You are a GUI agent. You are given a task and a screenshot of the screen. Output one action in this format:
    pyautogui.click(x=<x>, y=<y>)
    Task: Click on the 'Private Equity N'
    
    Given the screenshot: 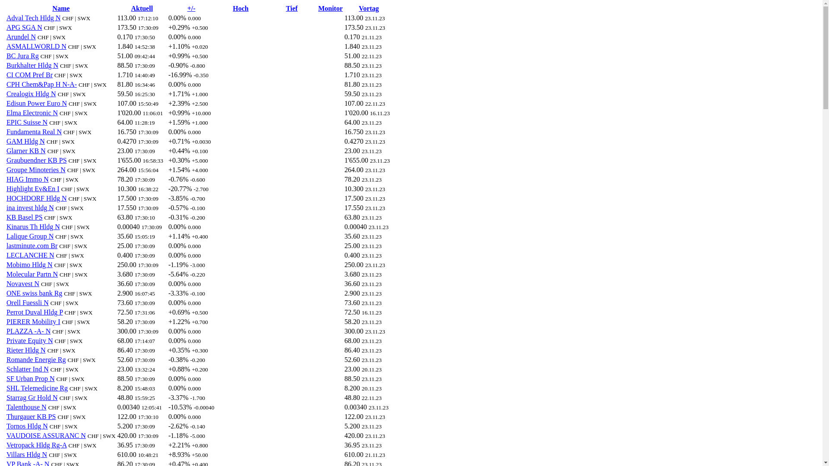 What is the action you would take?
    pyautogui.click(x=6, y=340)
    